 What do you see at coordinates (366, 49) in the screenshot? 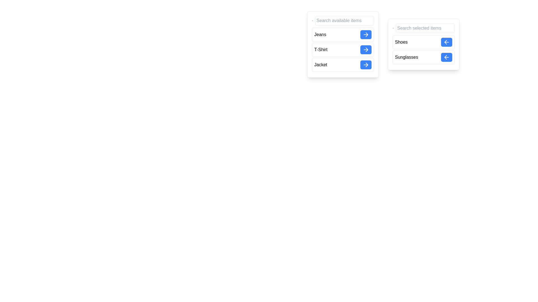
I see `the button located to the right of the 'T-Shirt' text in the item list` at bounding box center [366, 49].